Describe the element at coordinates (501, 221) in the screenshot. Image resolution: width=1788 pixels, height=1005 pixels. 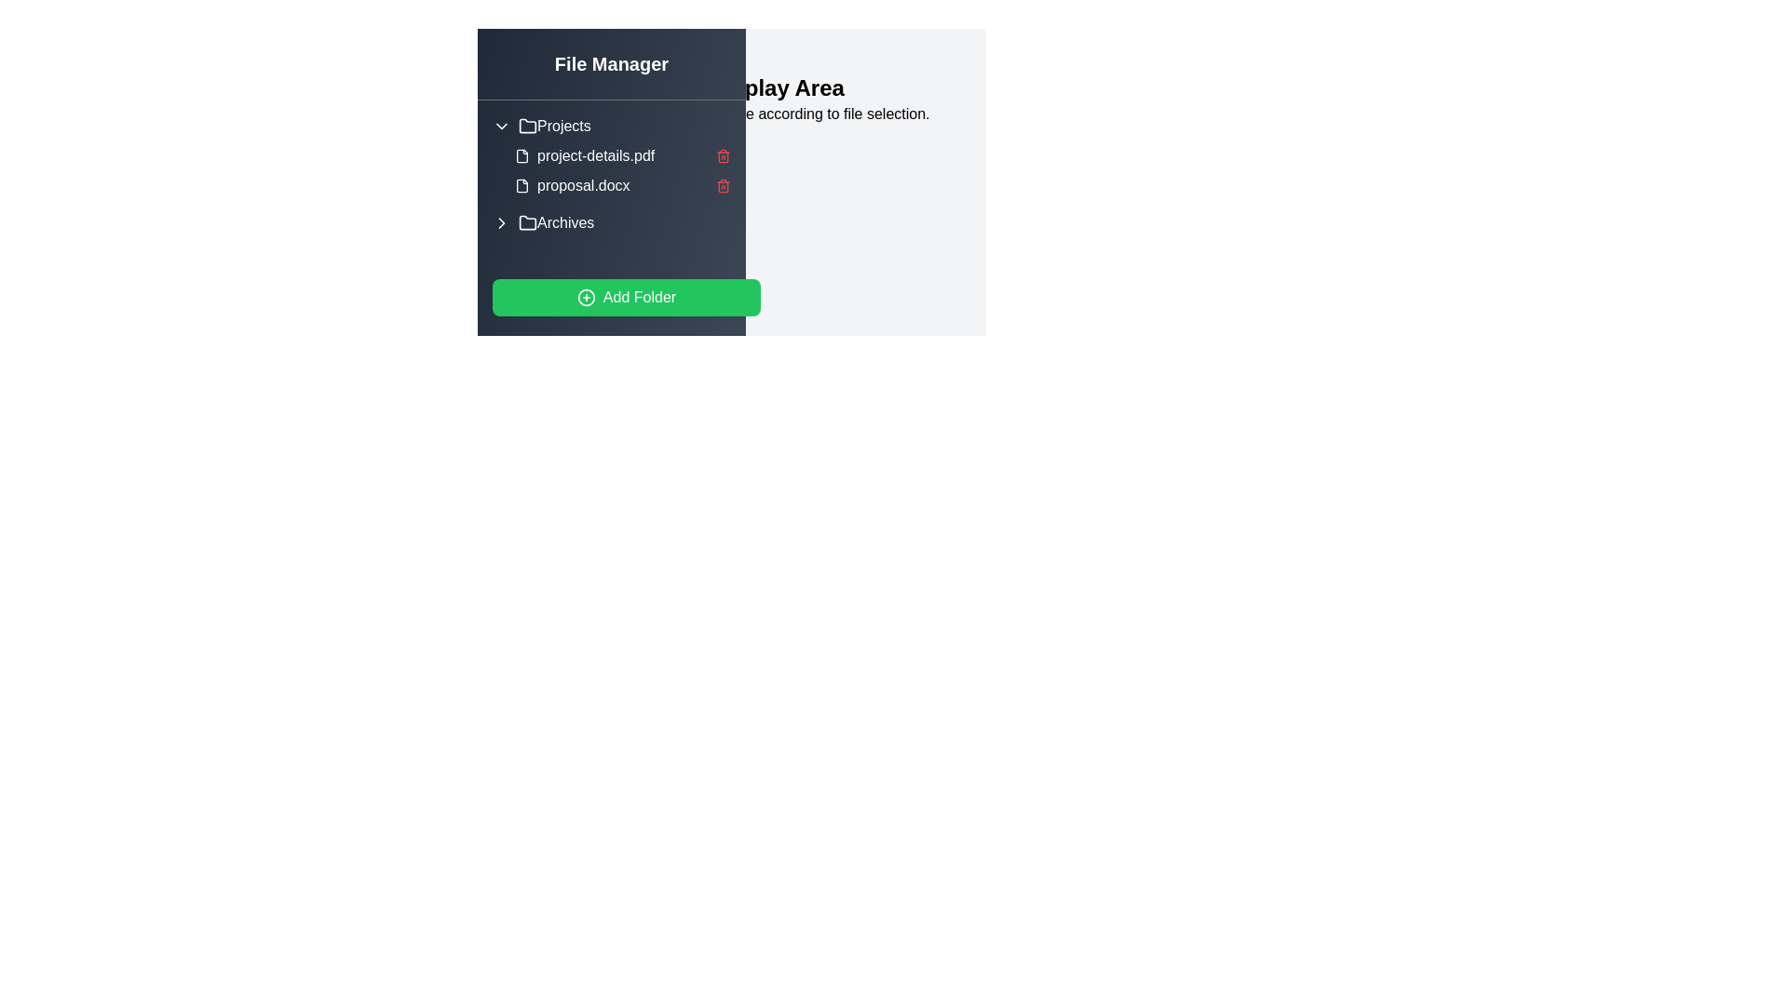
I see `the right-pointing chevron arrow icon located next to the 'Archives' folder in the 'File Manager' sidebar` at that location.